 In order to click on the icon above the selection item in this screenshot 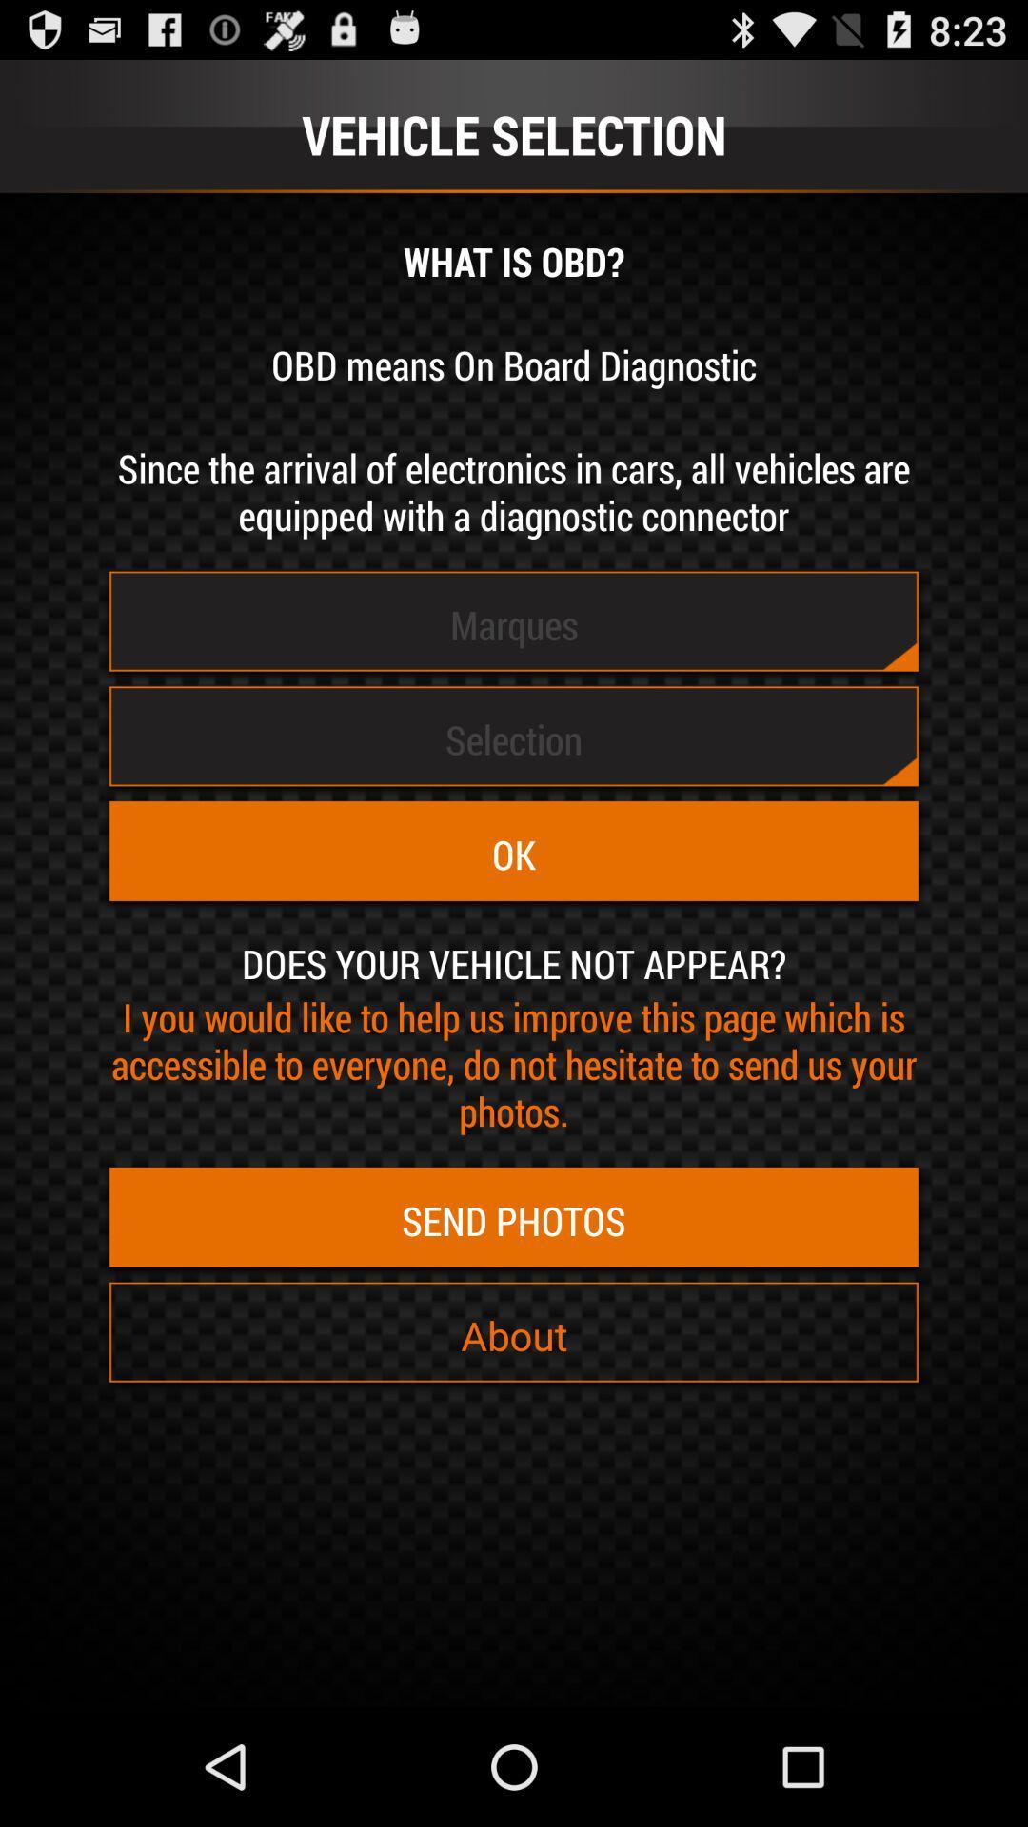, I will do `click(514, 624)`.